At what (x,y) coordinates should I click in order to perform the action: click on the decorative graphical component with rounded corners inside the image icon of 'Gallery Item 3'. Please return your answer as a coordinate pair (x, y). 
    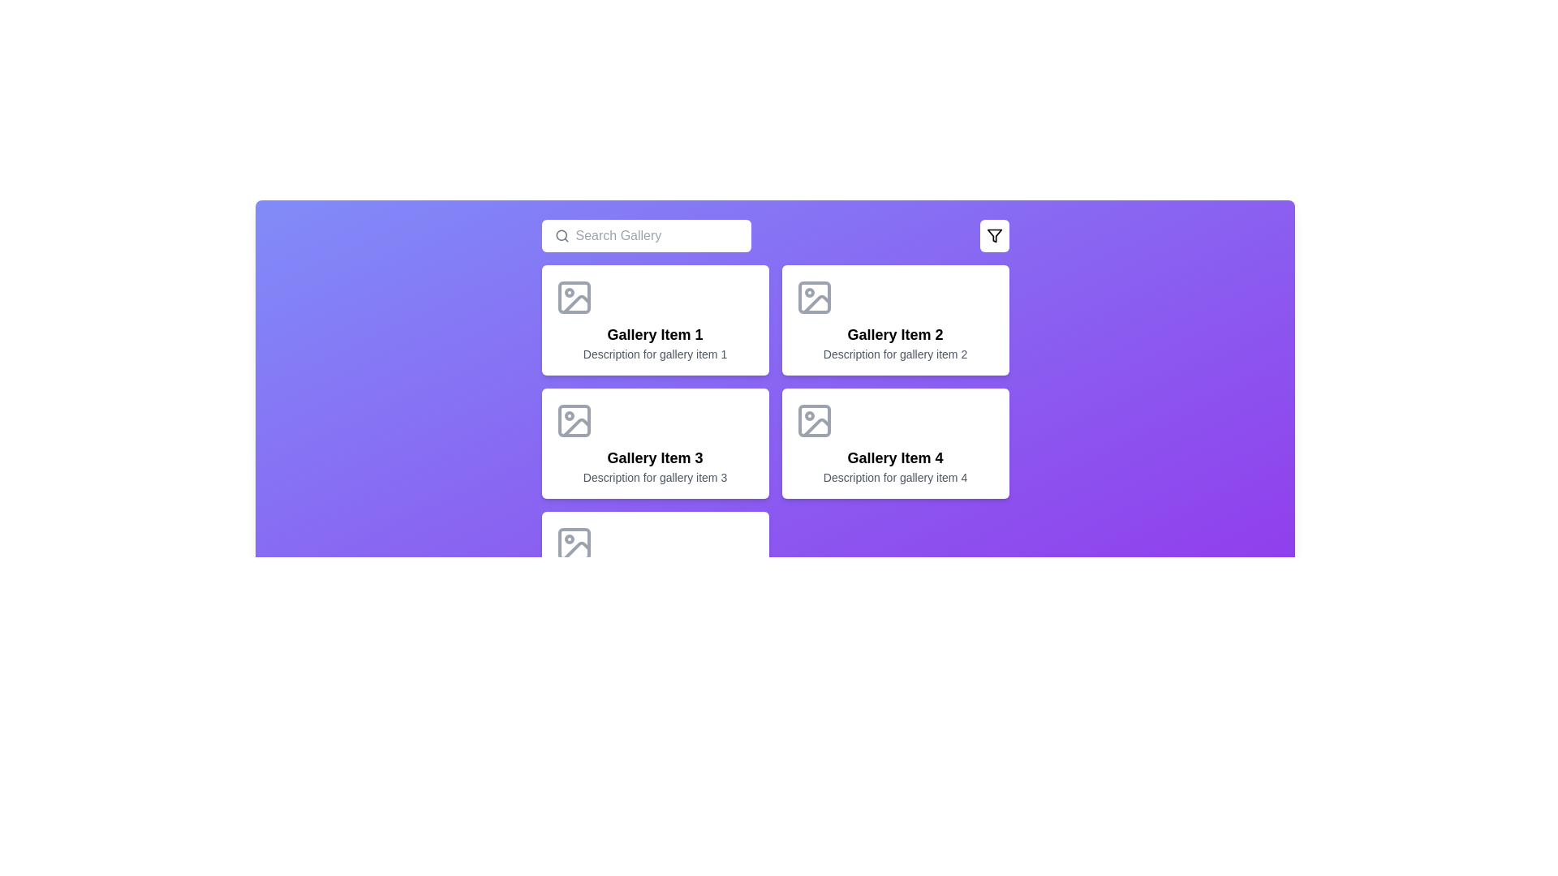
    Looking at the image, I should click on (574, 420).